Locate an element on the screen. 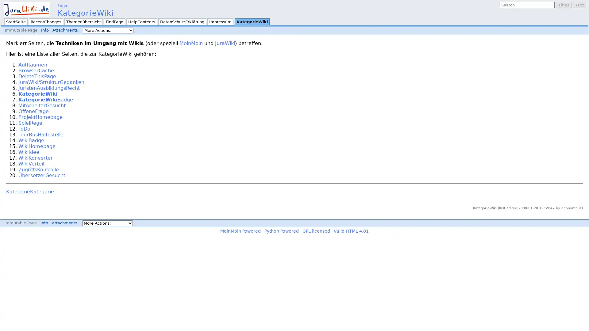 The height and width of the screenshot is (331, 589). Titles is located at coordinates (564, 5).